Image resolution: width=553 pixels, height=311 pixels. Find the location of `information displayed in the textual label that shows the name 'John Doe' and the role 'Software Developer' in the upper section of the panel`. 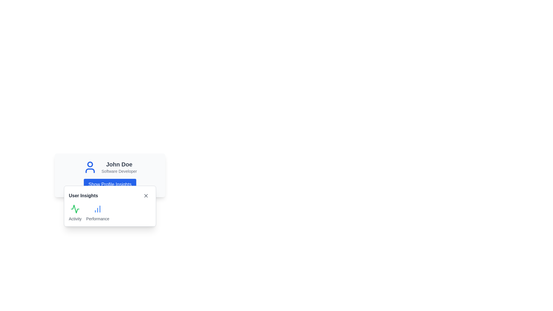

information displayed in the textual label that shows the name 'John Doe' and the role 'Software Developer' in the upper section of the panel is located at coordinates (119, 167).